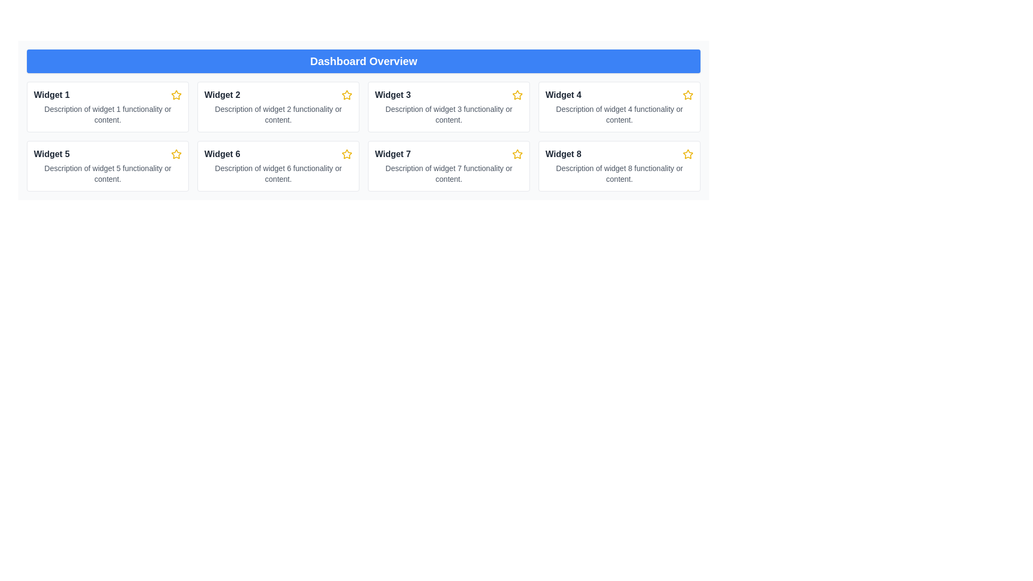  I want to click on the favorite icon located in the last column of the second row under 'Widget 8', so click(687, 154).